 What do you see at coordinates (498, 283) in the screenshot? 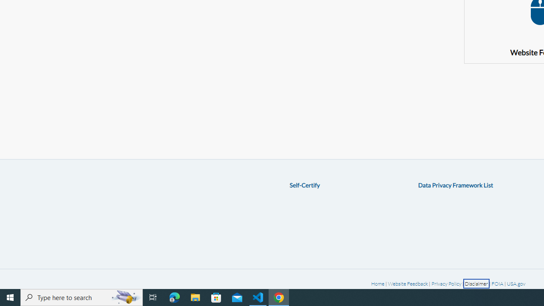
I see `'FOIA '` at bounding box center [498, 283].